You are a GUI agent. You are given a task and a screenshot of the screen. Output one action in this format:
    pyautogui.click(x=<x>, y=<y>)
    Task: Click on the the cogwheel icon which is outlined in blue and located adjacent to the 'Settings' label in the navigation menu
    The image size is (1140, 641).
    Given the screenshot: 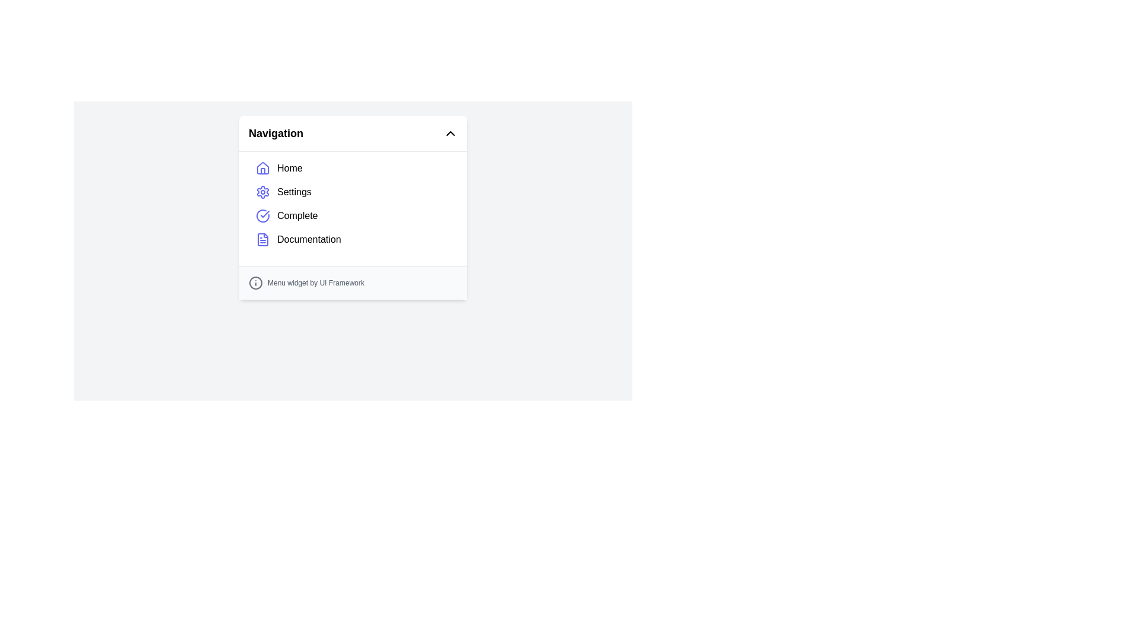 What is the action you would take?
    pyautogui.click(x=262, y=192)
    